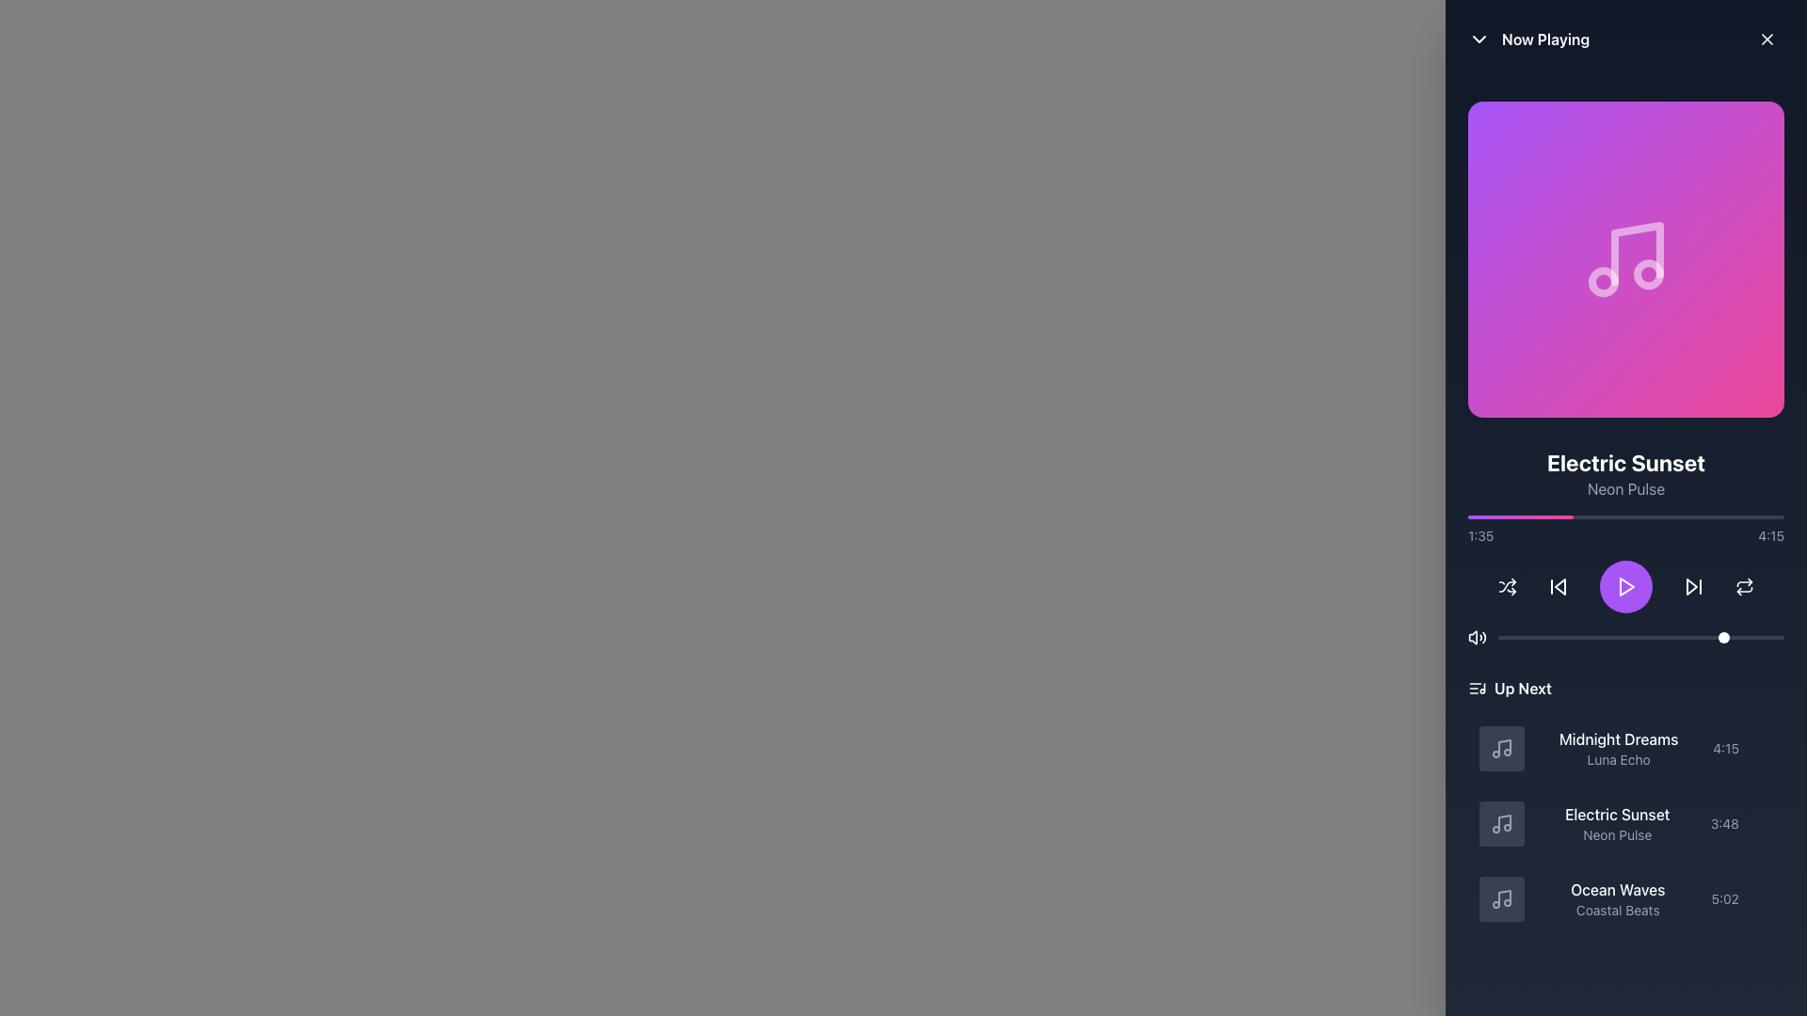  Describe the element at coordinates (1603, 282) in the screenshot. I see `the pink-filled circle icon within the SVG graphic in the 'Now Playing' section of the media player interface, which is the second circle in a sequence of three and positioned to the left of the musical note icon` at that location.